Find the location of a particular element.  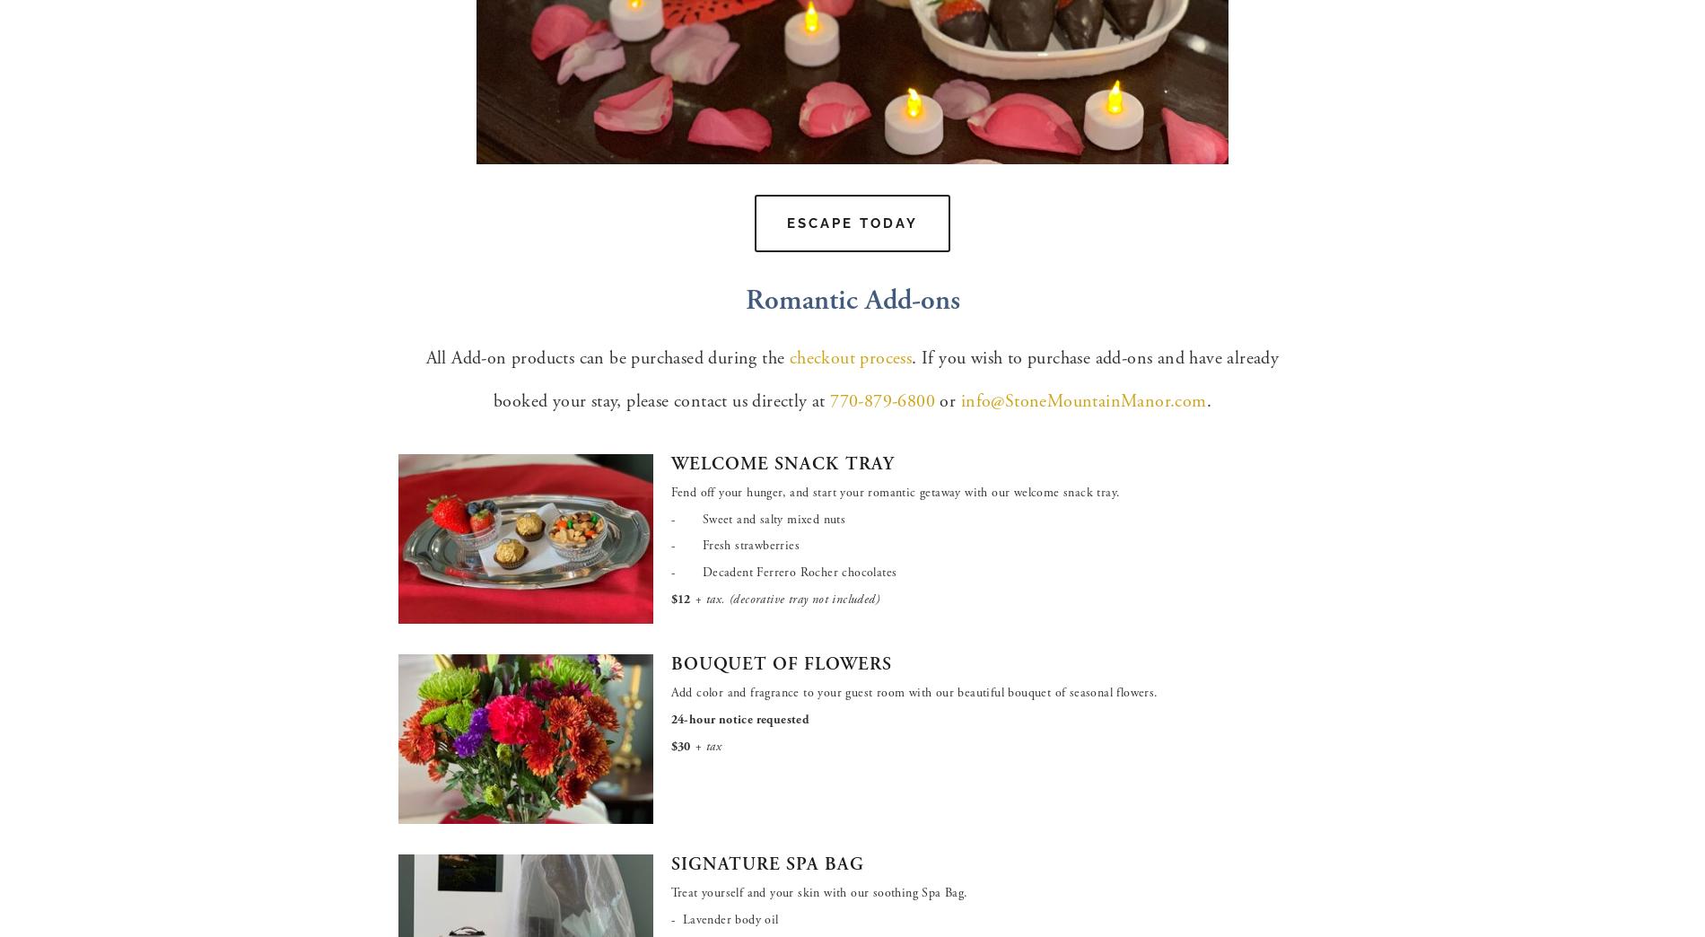

'Add color and fragrance to your guest room with our beautiful bouquet of seasonal flowers.' is located at coordinates (914, 693).